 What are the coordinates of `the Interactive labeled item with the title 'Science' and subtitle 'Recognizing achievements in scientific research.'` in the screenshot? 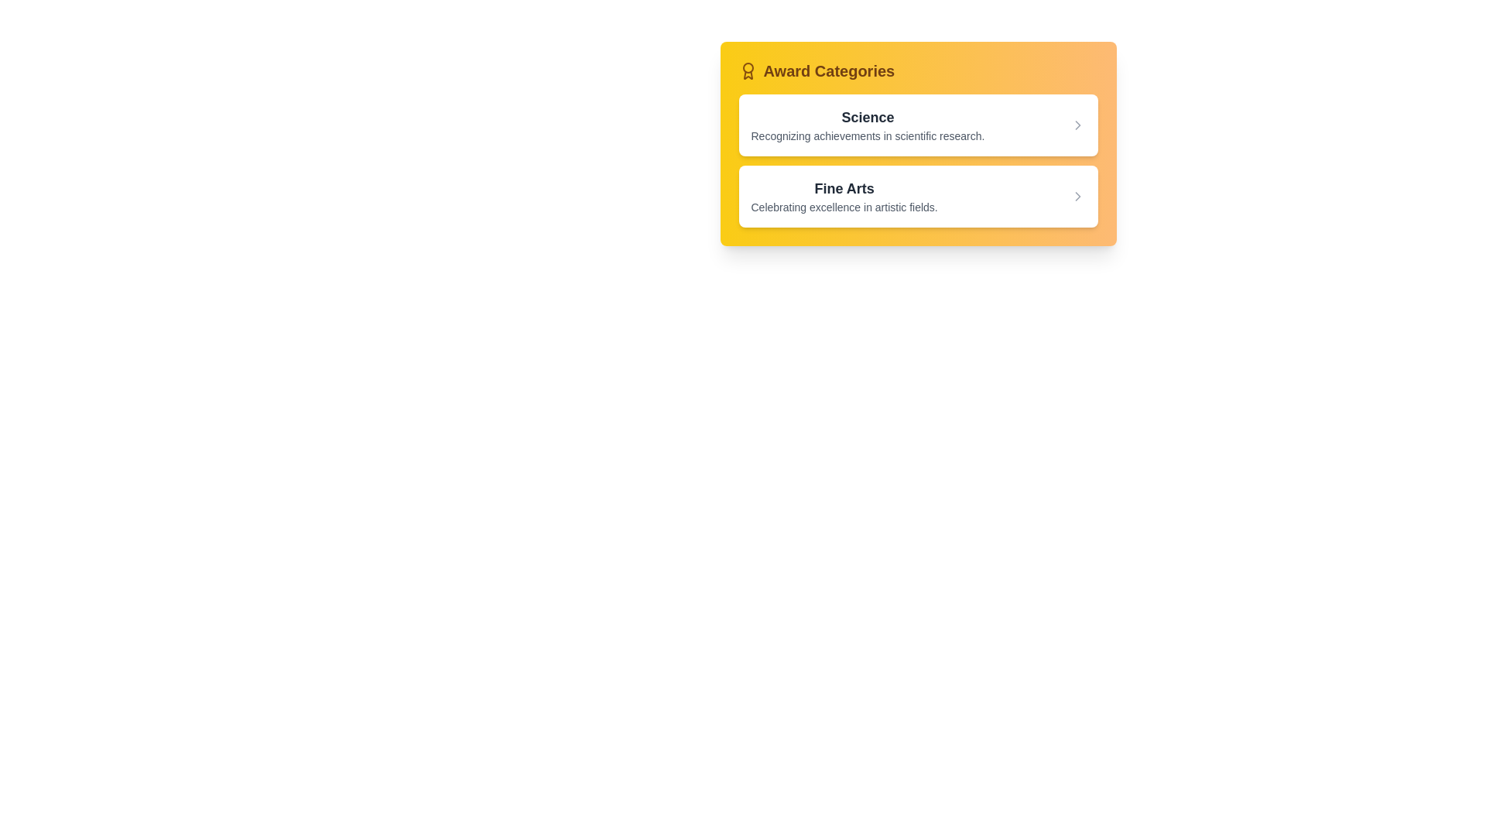 It's located at (868, 125).